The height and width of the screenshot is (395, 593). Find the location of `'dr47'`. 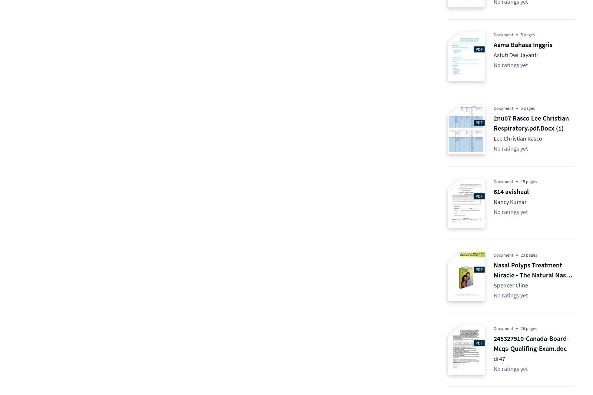

'dr47' is located at coordinates (499, 359).